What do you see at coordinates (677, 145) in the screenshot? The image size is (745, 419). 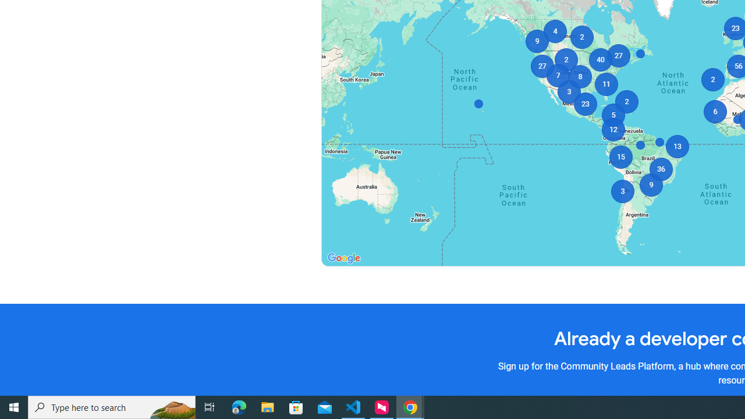 I see `'13'` at bounding box center [677, 145].